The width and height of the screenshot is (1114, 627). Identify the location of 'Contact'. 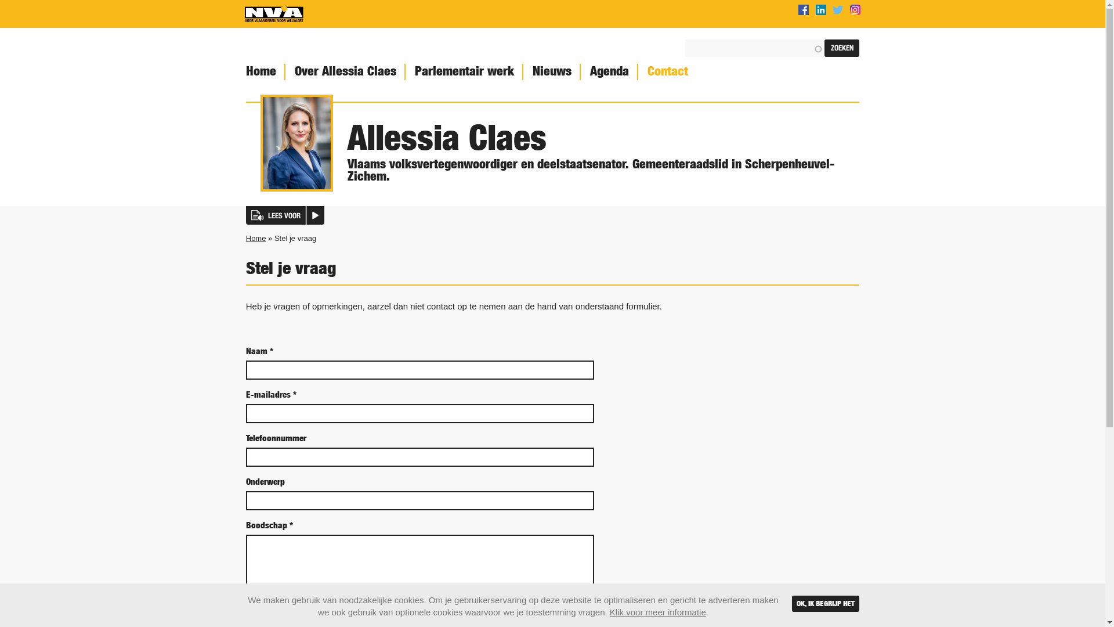
(636, 71).